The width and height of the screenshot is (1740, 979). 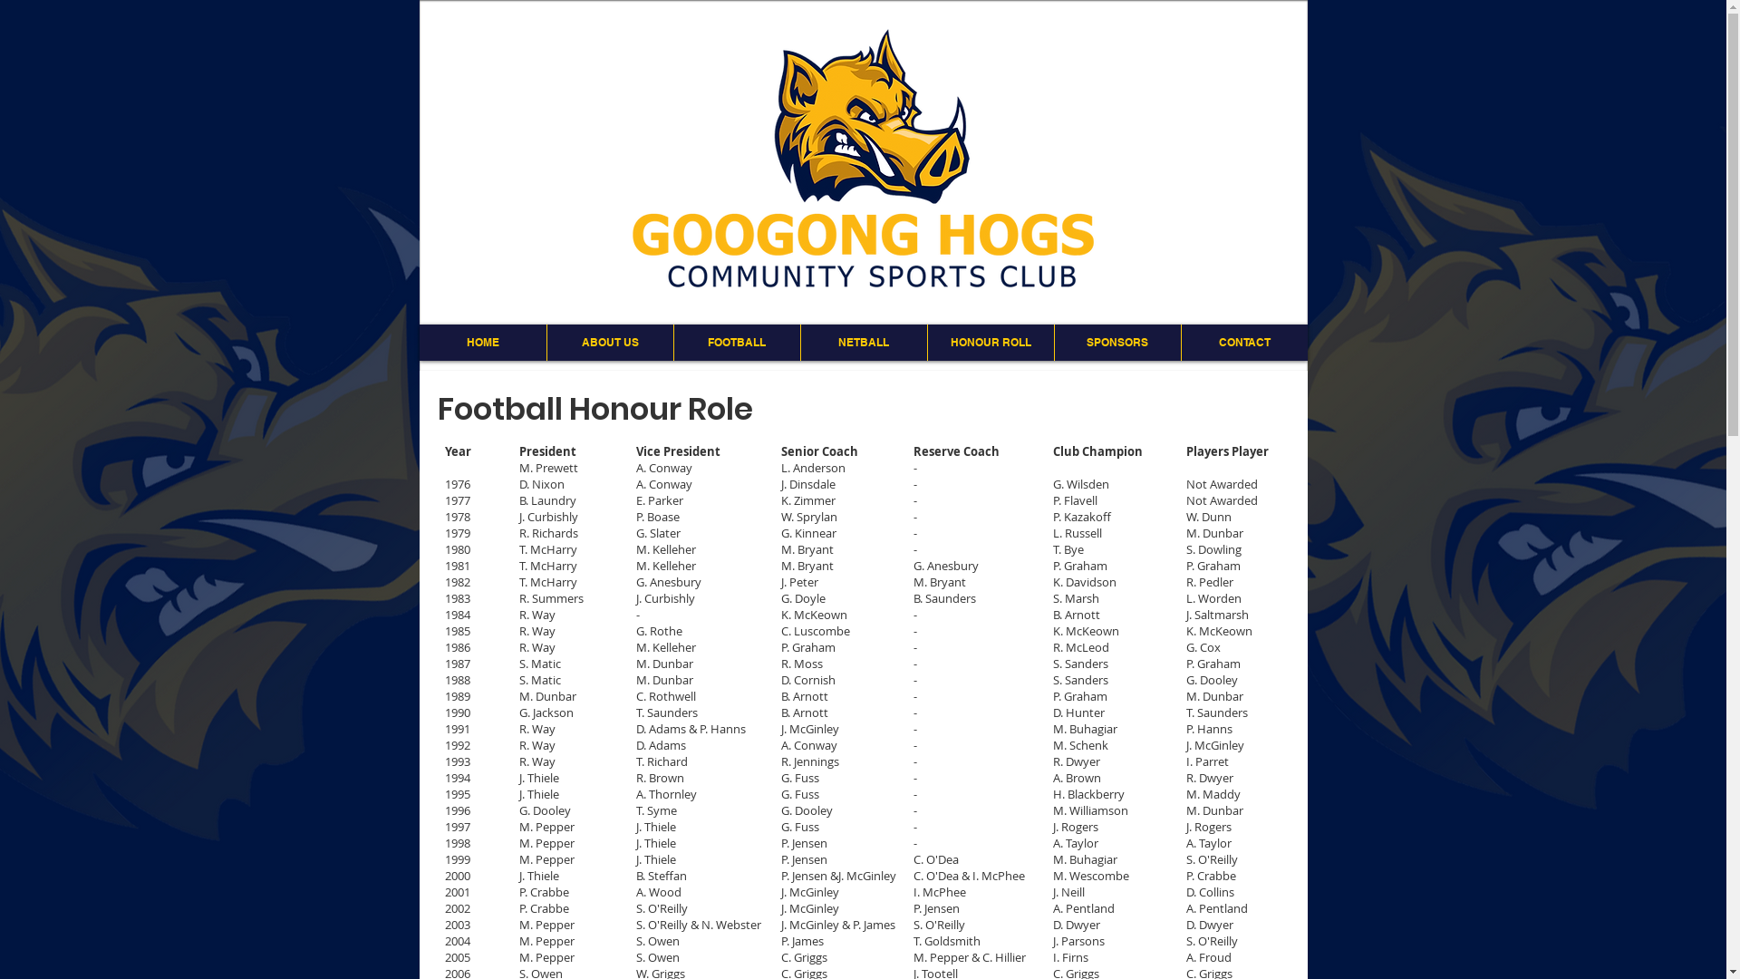 What do you see at coordinates (482, 343) in the screenshot?
I see `'HOME'` at bounding box center [482, 343].